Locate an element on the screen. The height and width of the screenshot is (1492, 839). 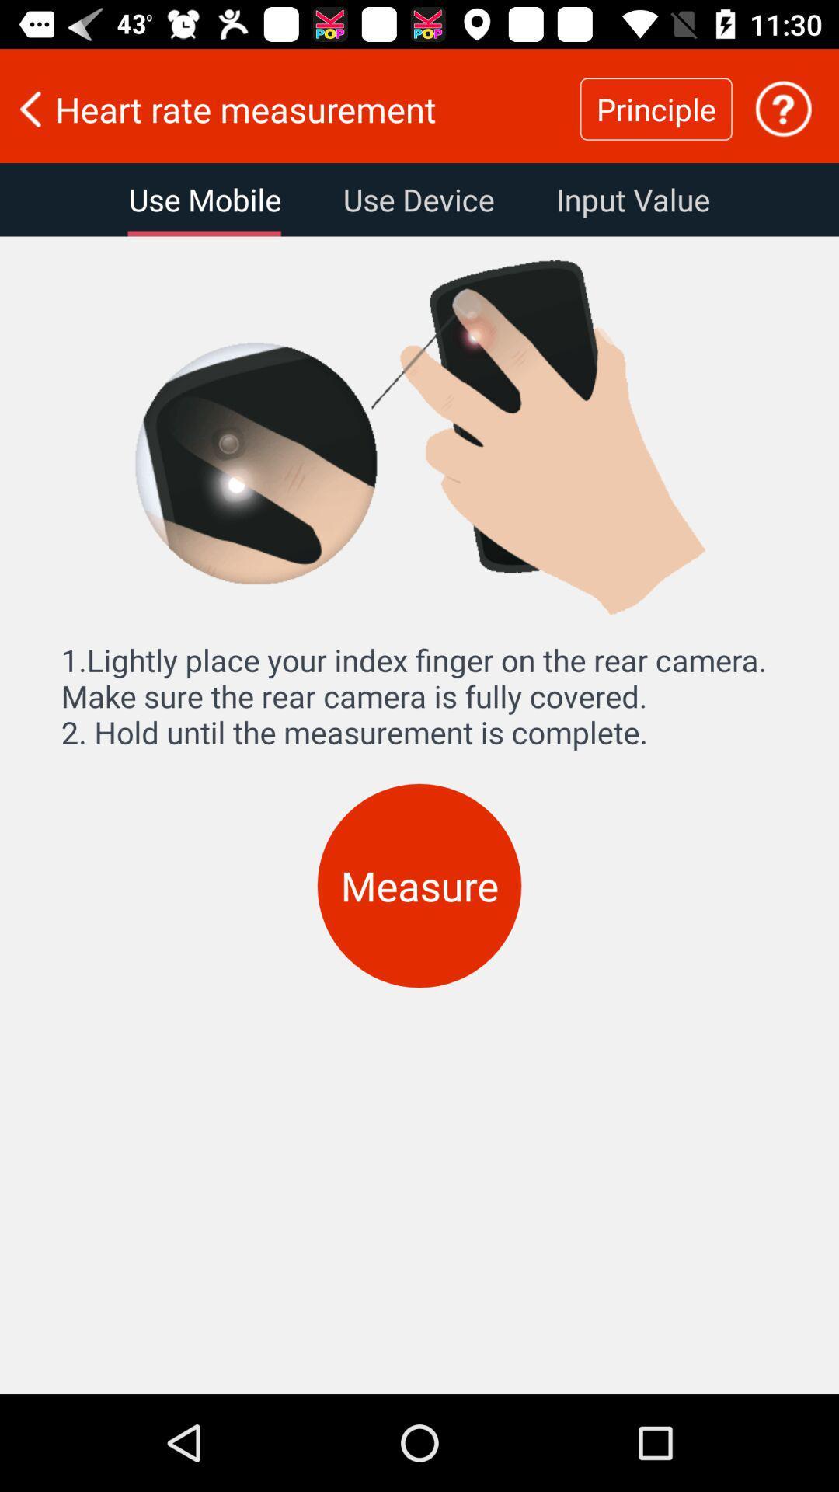
use device is located at coordinates (418, 199).